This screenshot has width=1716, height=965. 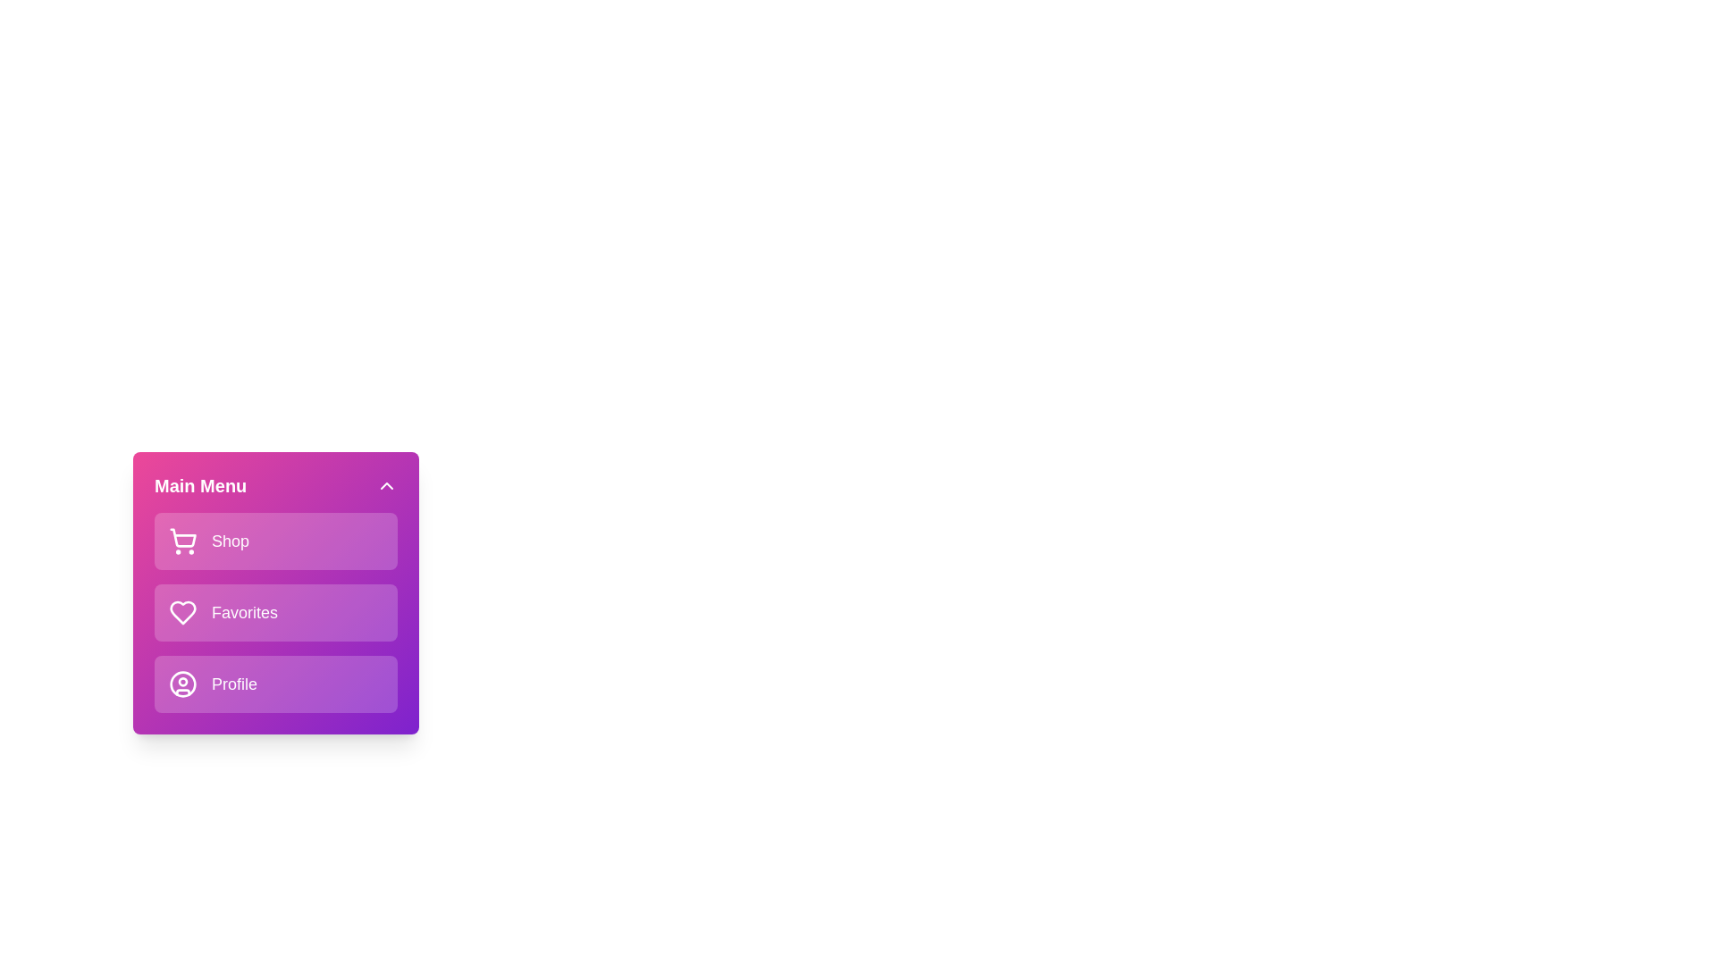 What do you see at coordinates (183, 540) in the screenshot?
I see `the menu item icon corresponding to Shop` at bounding box center [183, 540].